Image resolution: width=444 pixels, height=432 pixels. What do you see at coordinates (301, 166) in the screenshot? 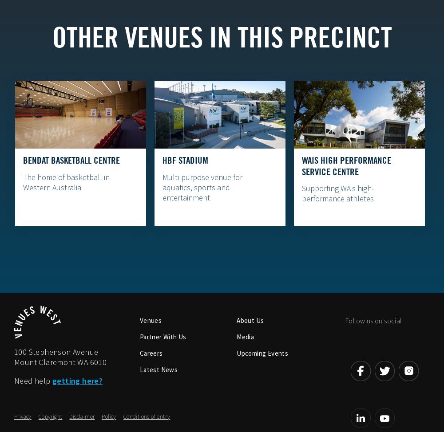
I see `'WAIS High Performance Service Centre'` at bounding box center [301, 166].